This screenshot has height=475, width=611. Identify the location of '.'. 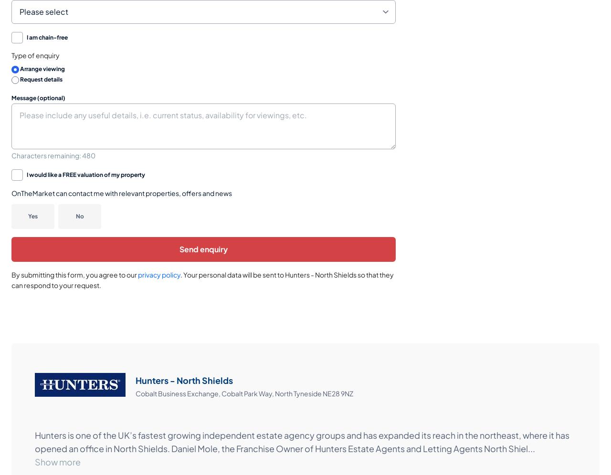
(181, 273).